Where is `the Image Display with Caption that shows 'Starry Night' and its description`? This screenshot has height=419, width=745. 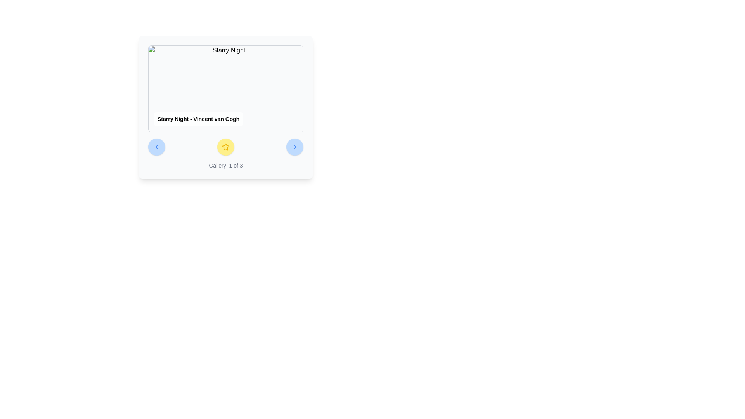
the Image Display with Caption that shows 'Starry Night' and its description is located at coordinates (225, 88).